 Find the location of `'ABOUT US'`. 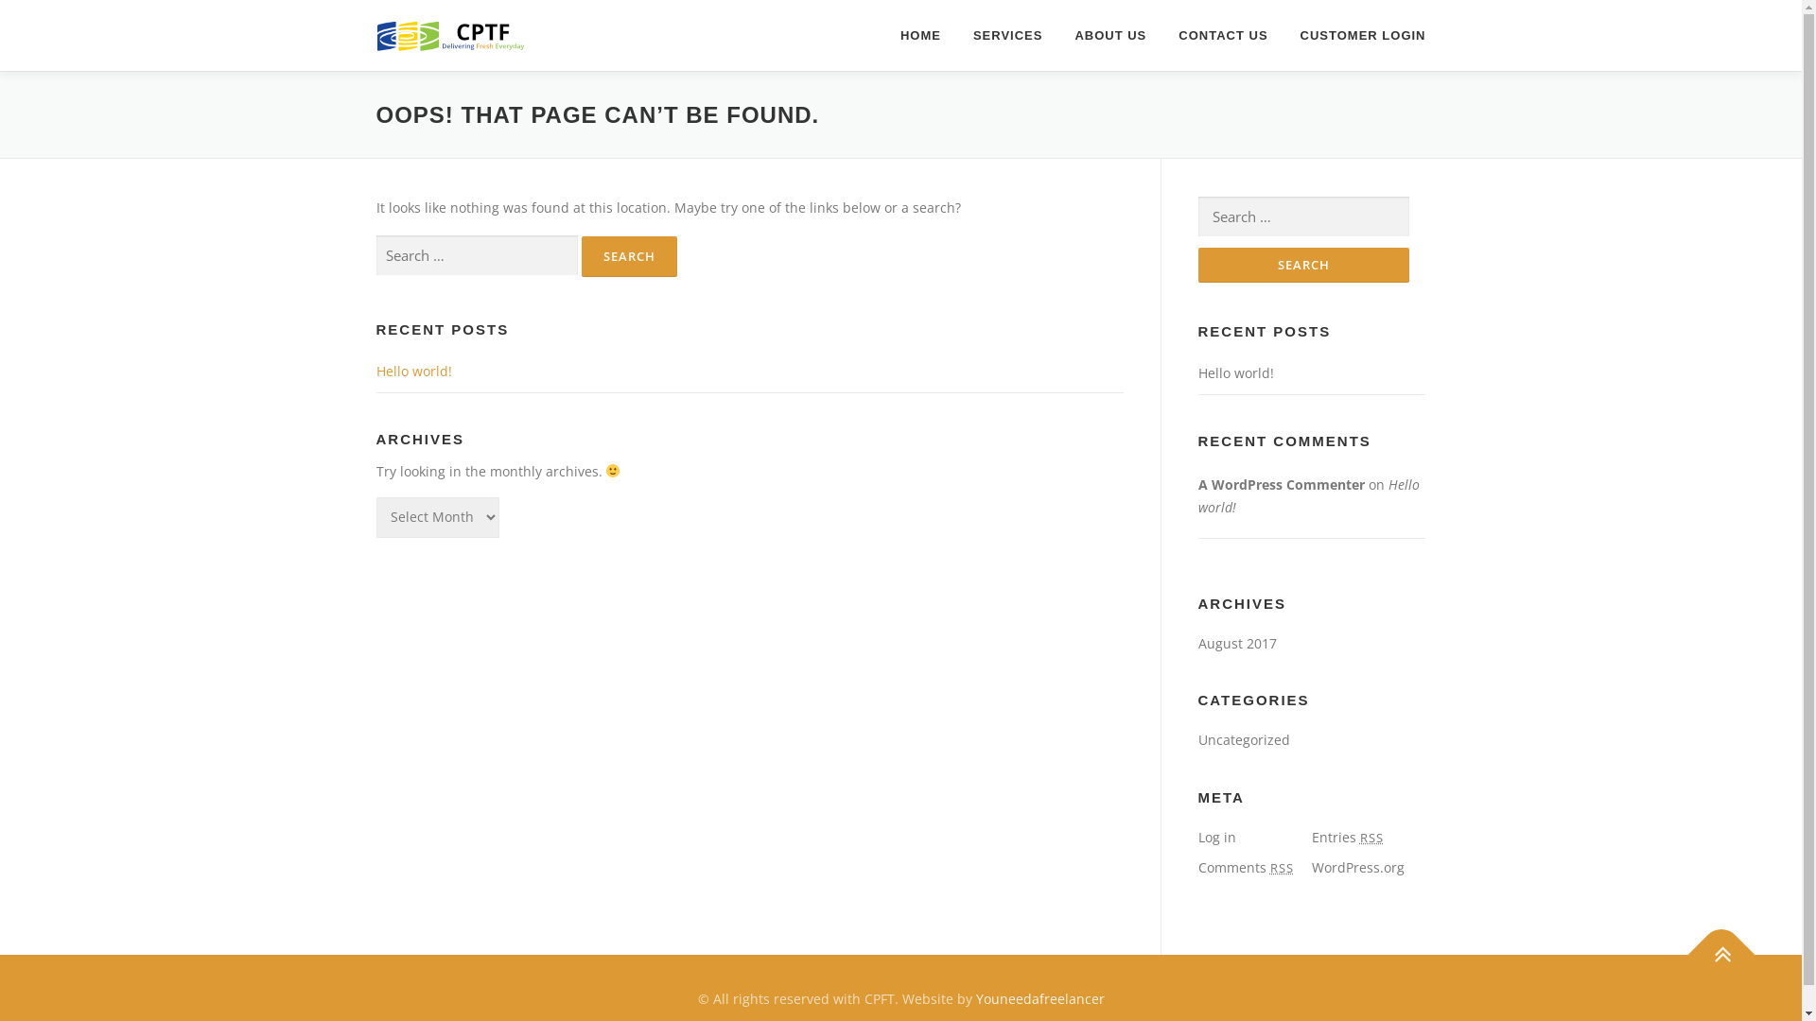

'ABOUT US' is located at coordinates (1056, 35).